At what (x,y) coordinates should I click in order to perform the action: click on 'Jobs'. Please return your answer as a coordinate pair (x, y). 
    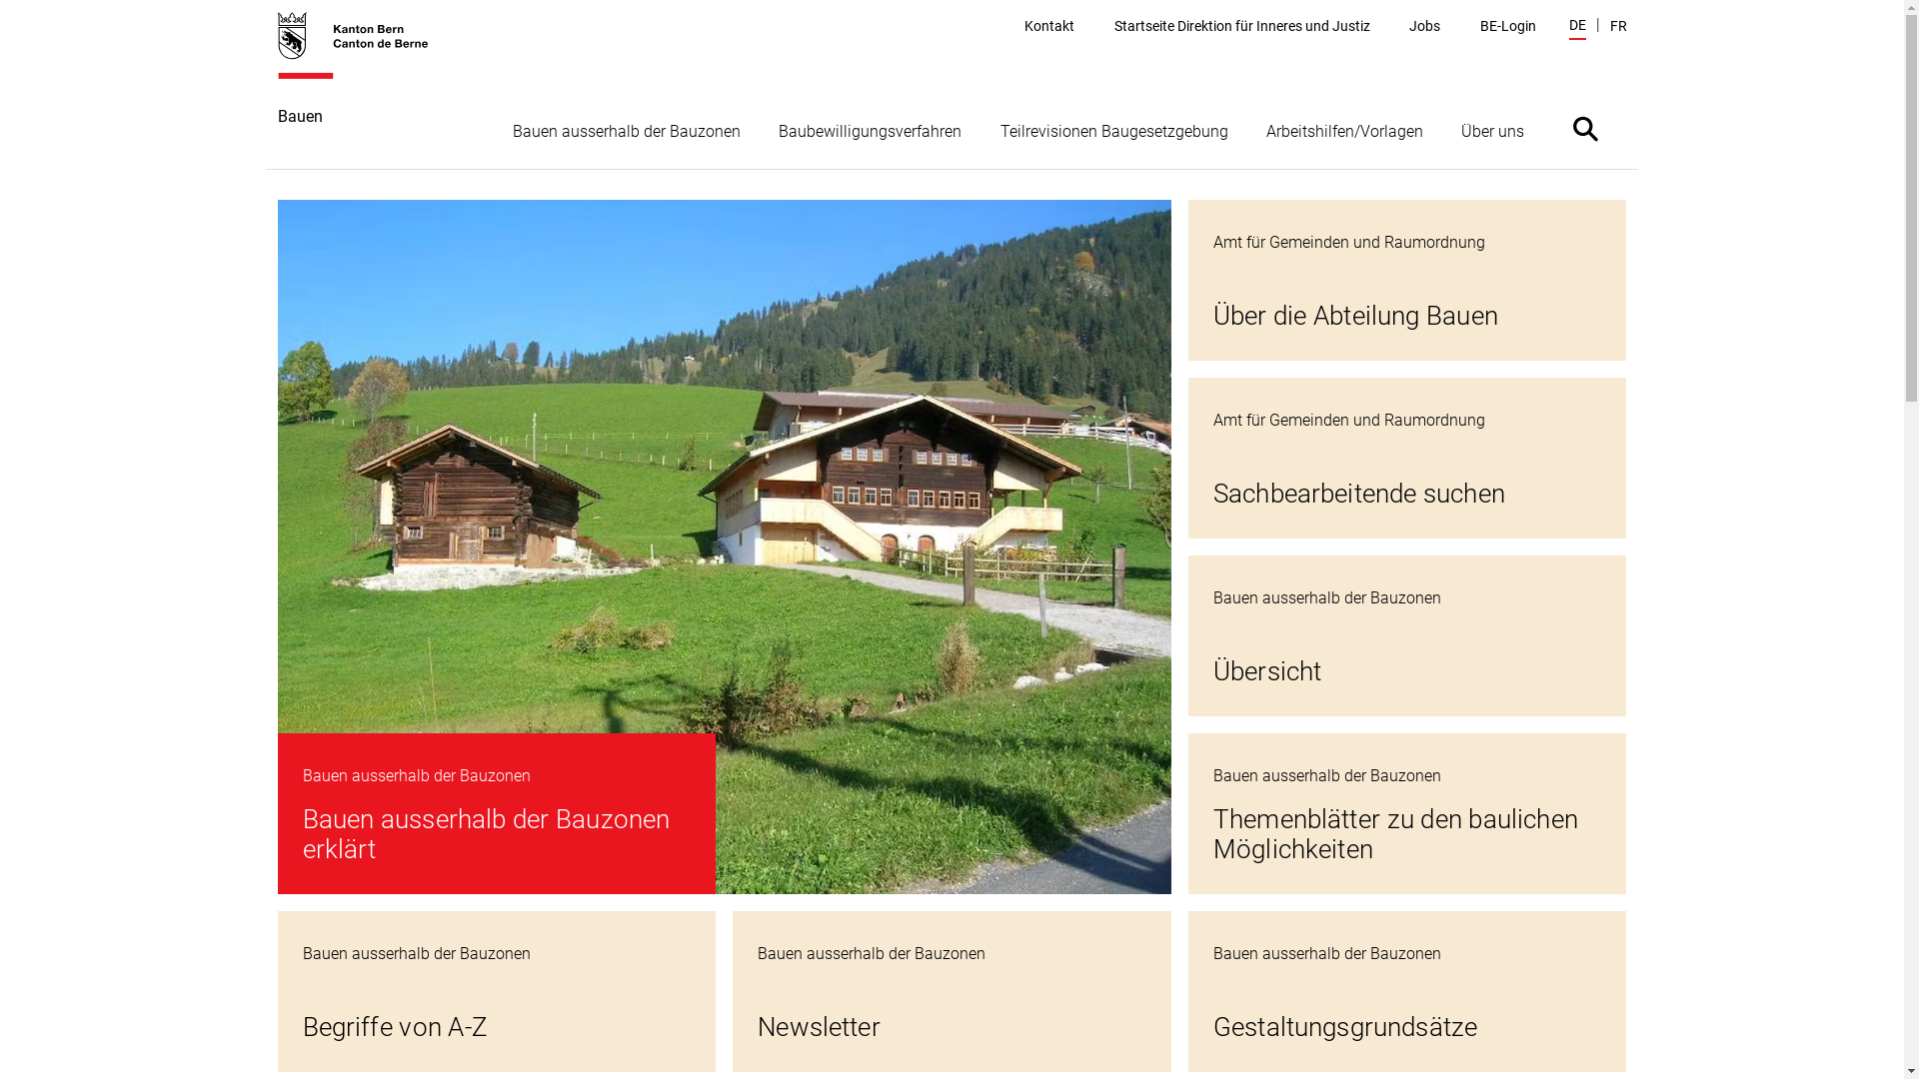
    Looking at the image, I should click on (1408, 26).